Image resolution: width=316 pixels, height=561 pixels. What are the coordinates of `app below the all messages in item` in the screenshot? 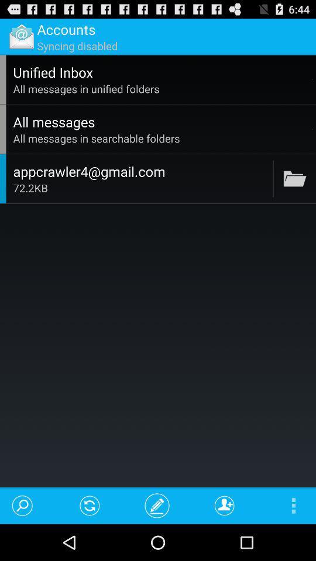 It's located at (273, 178).